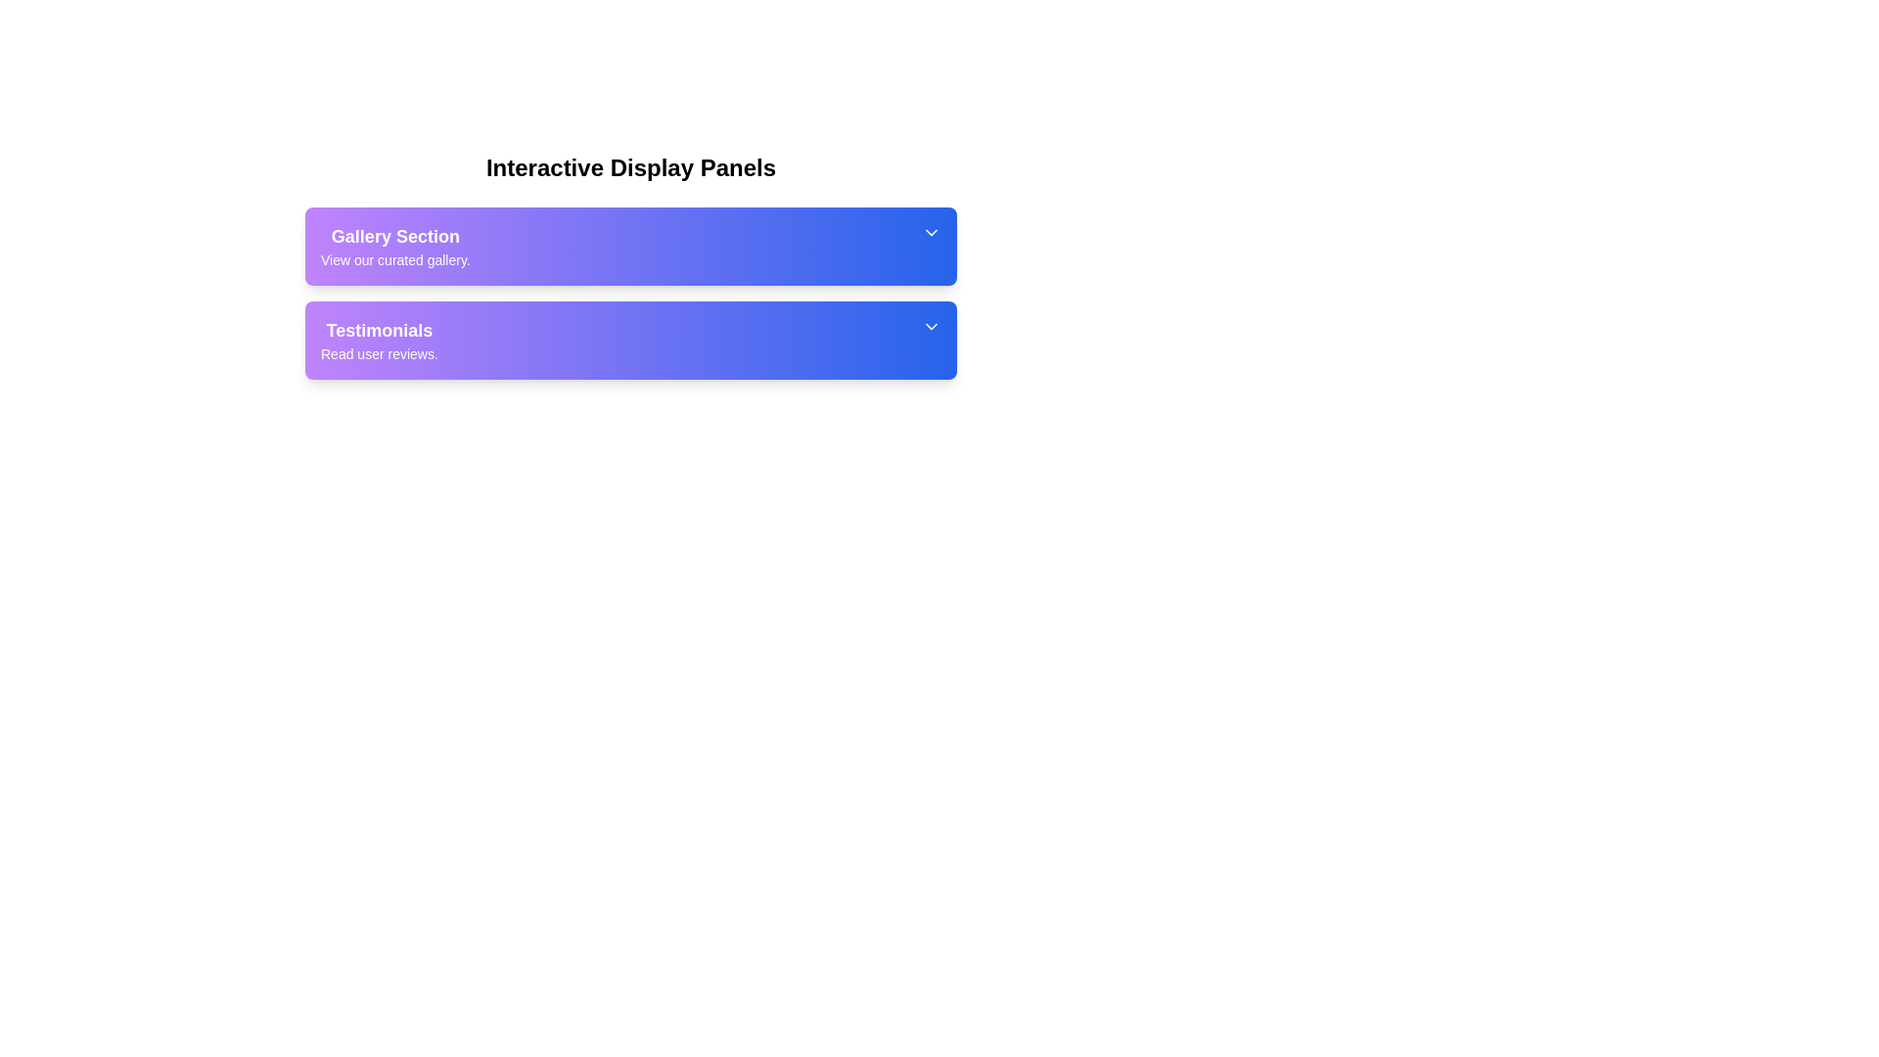  Describe the element at coordinates (930, 326) in the screenshot. I see `the downward chevron icon located on the right-hand side of the Testimonials panel` at that location.